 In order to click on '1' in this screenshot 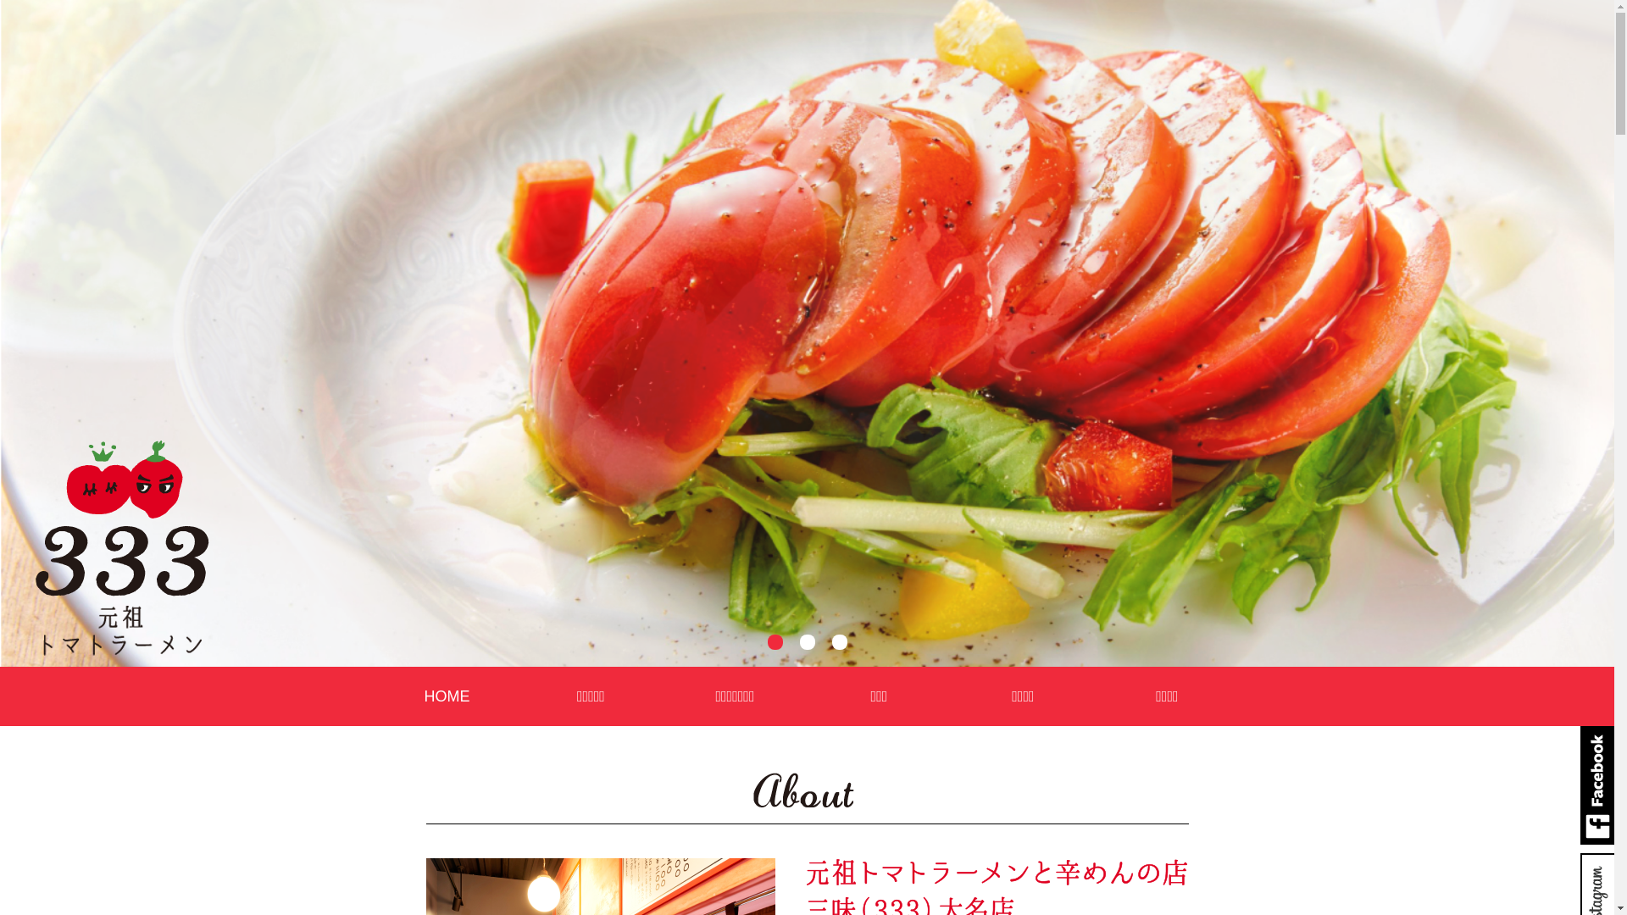, I will do `click(775, 642)`.